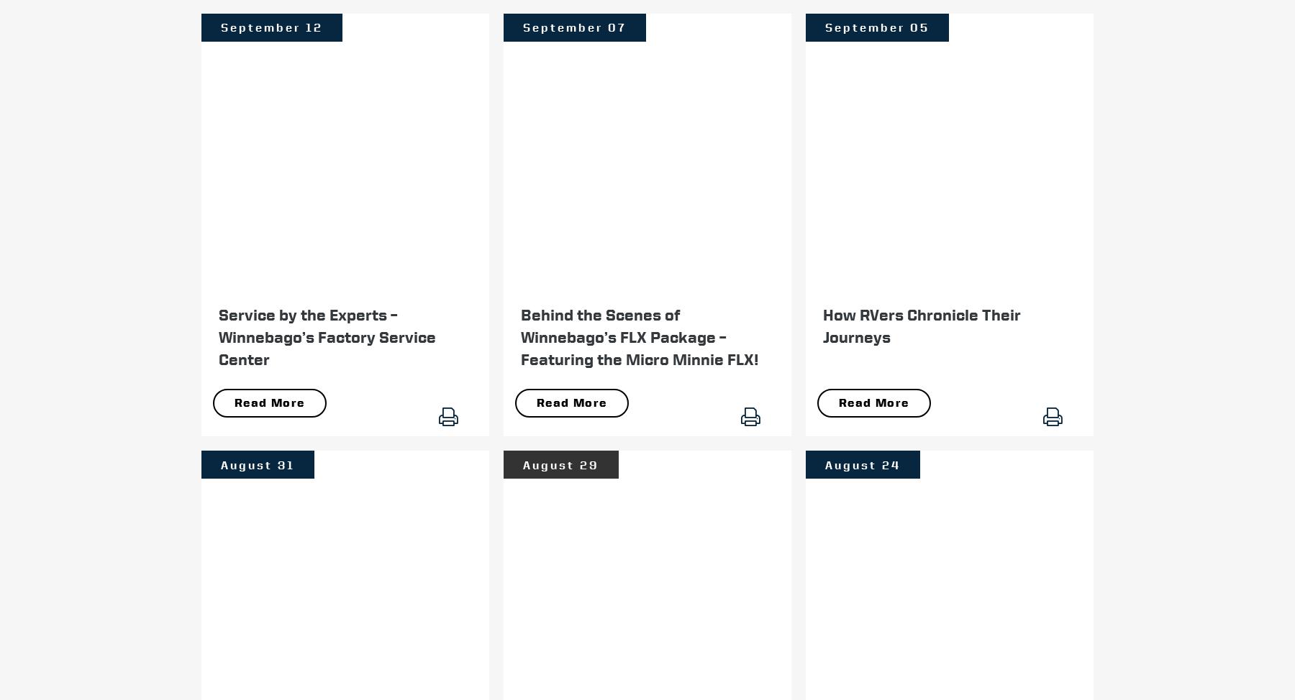  I want to click on 'August 24', so click(862, 464).